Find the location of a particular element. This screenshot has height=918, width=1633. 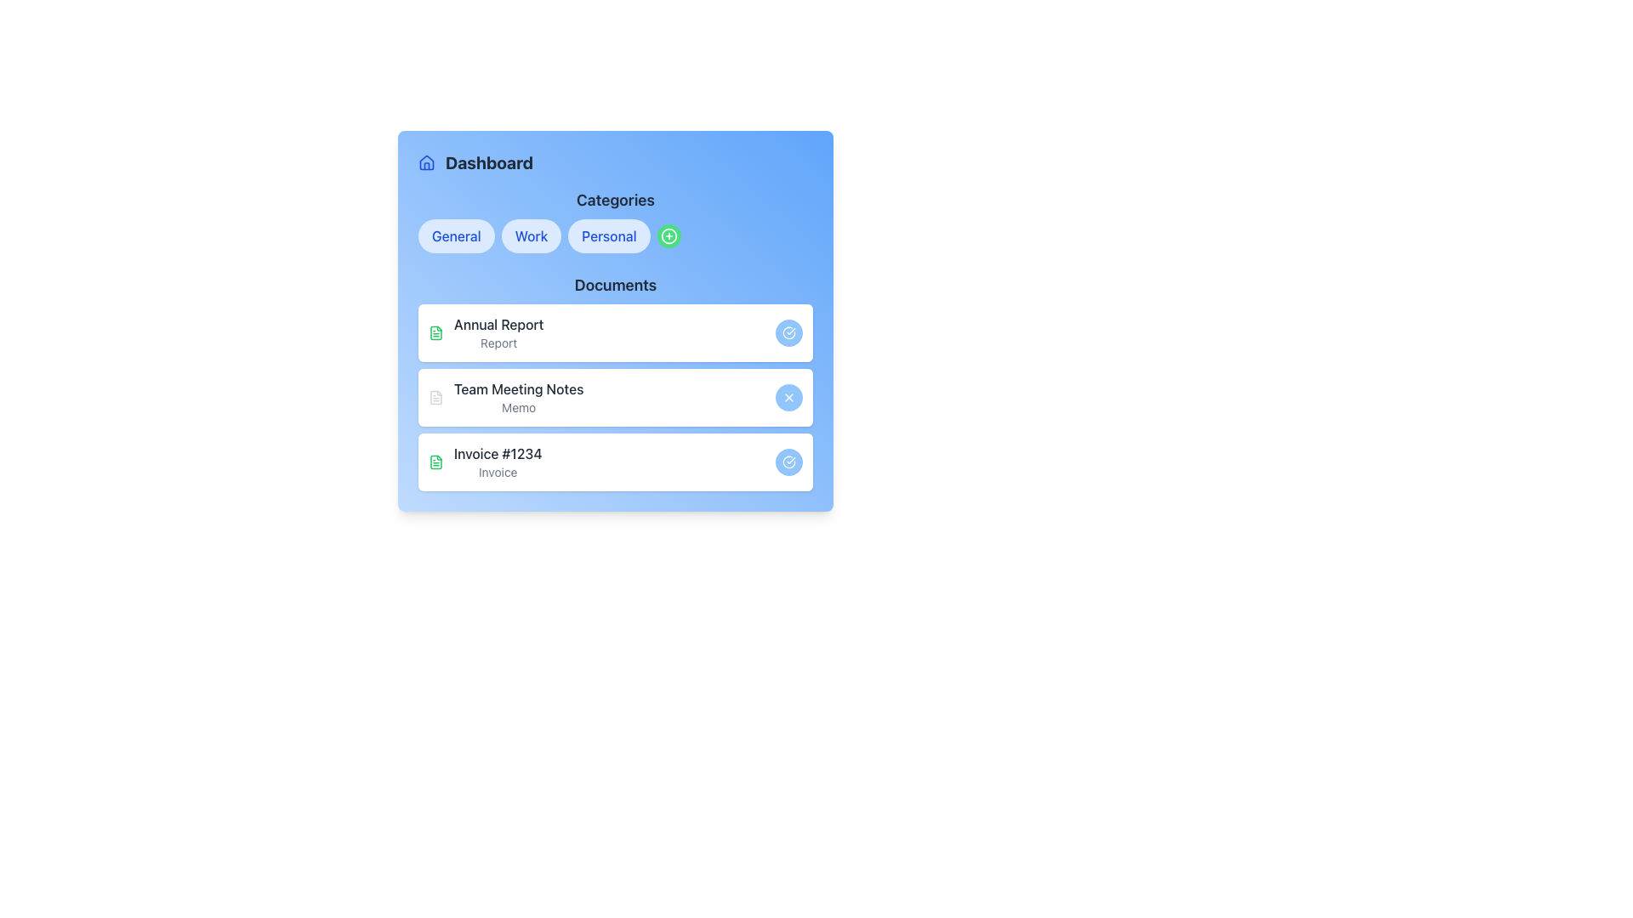

the circular button to the right of the 'Team Meeting Notes' document card in the 'Documents' section is located at coordinates (615, 397).